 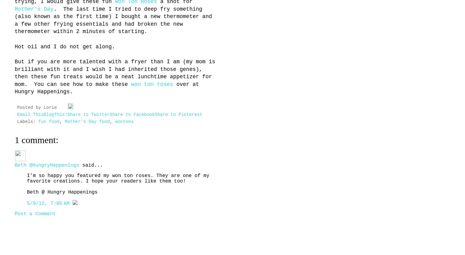 I want to click on '1 comment:', so click(x=36, y=140).